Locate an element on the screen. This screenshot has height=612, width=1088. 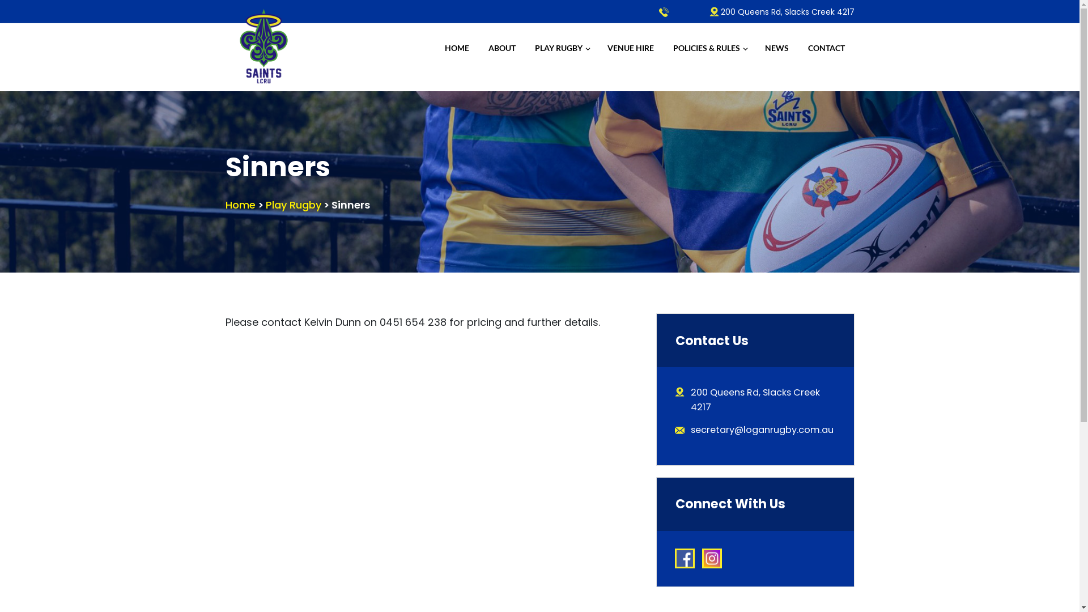
'Play Rugby' is located at coordinates (293, 205).